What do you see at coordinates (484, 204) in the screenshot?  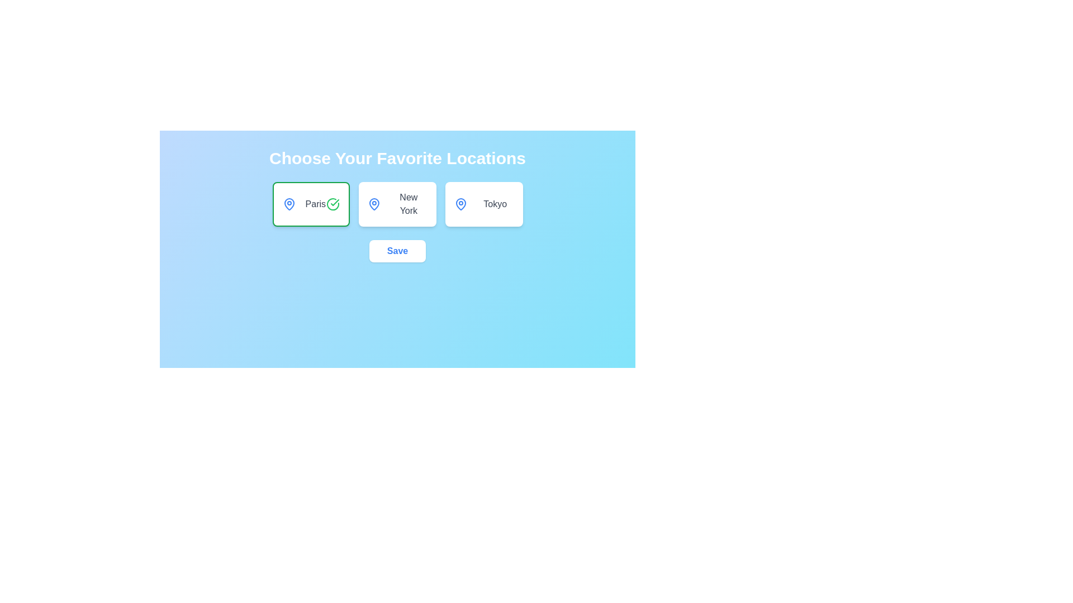 I see `the location card for Tokyo` at bounding box center [484, 204].